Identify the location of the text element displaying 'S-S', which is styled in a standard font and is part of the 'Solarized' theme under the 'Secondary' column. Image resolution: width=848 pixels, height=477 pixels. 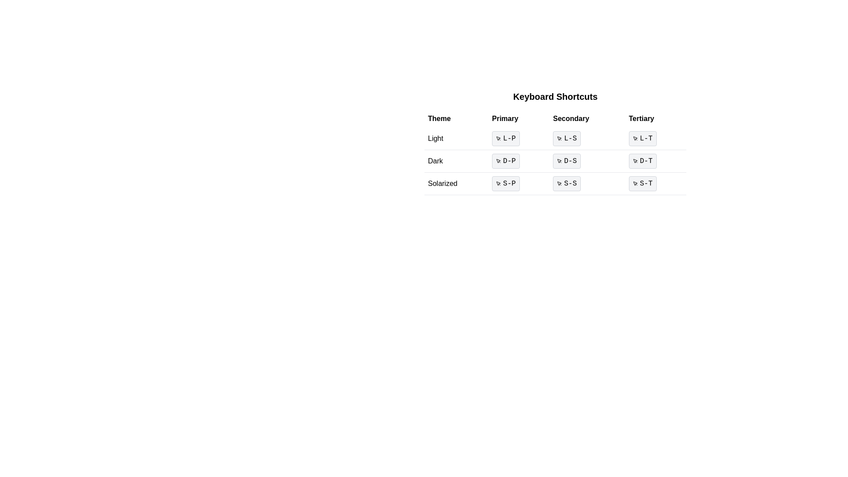
(570, 183).